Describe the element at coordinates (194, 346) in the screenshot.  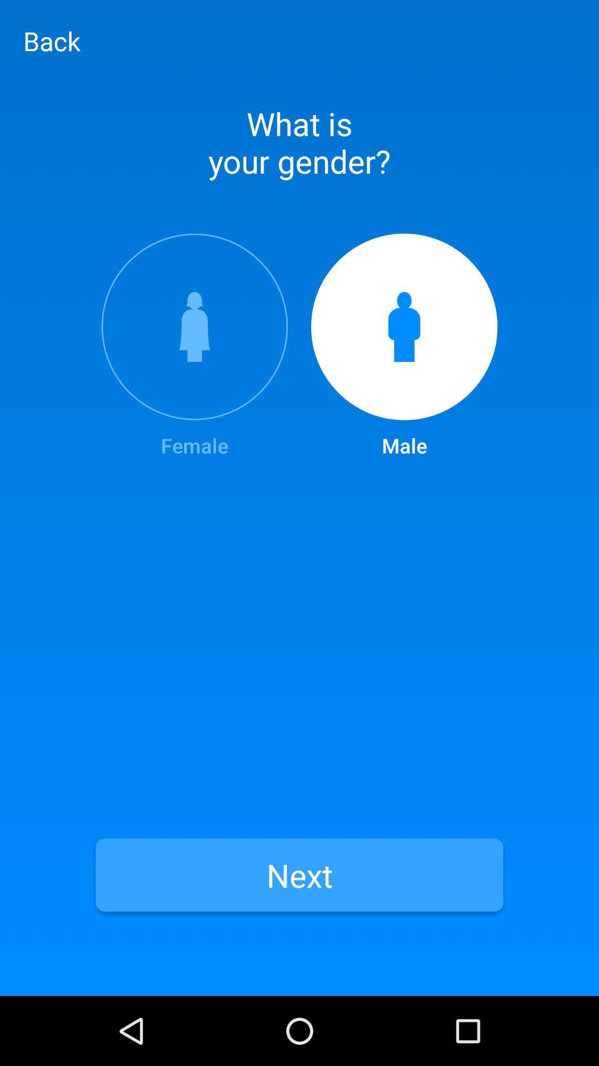
I see `item below what is your icon` at that location.